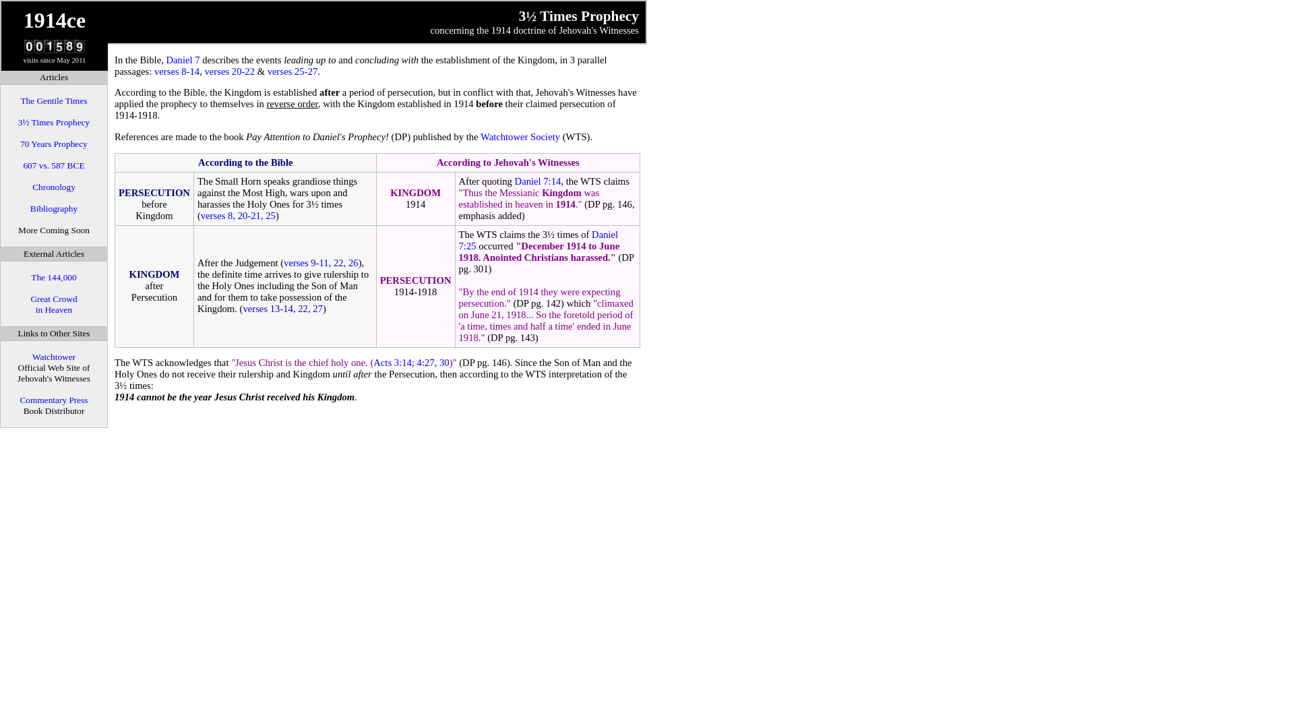 The image size is (1294, 728). Describe the element at coordinates (176, 71) in the screenshot. I see `'verses 8-14'` at that location.